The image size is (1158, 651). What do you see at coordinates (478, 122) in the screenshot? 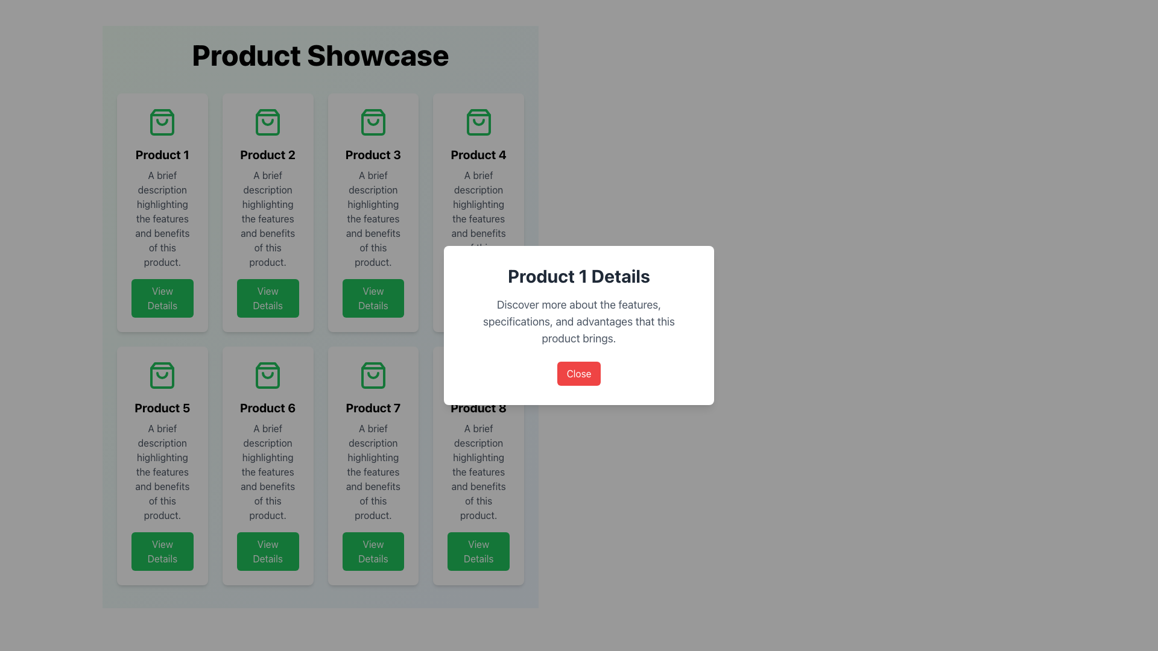
I see `the decorative icon for the 'Product 4' card located at the top center of the card in the second row and first column of the product grid` at bounding box center [478, 122].